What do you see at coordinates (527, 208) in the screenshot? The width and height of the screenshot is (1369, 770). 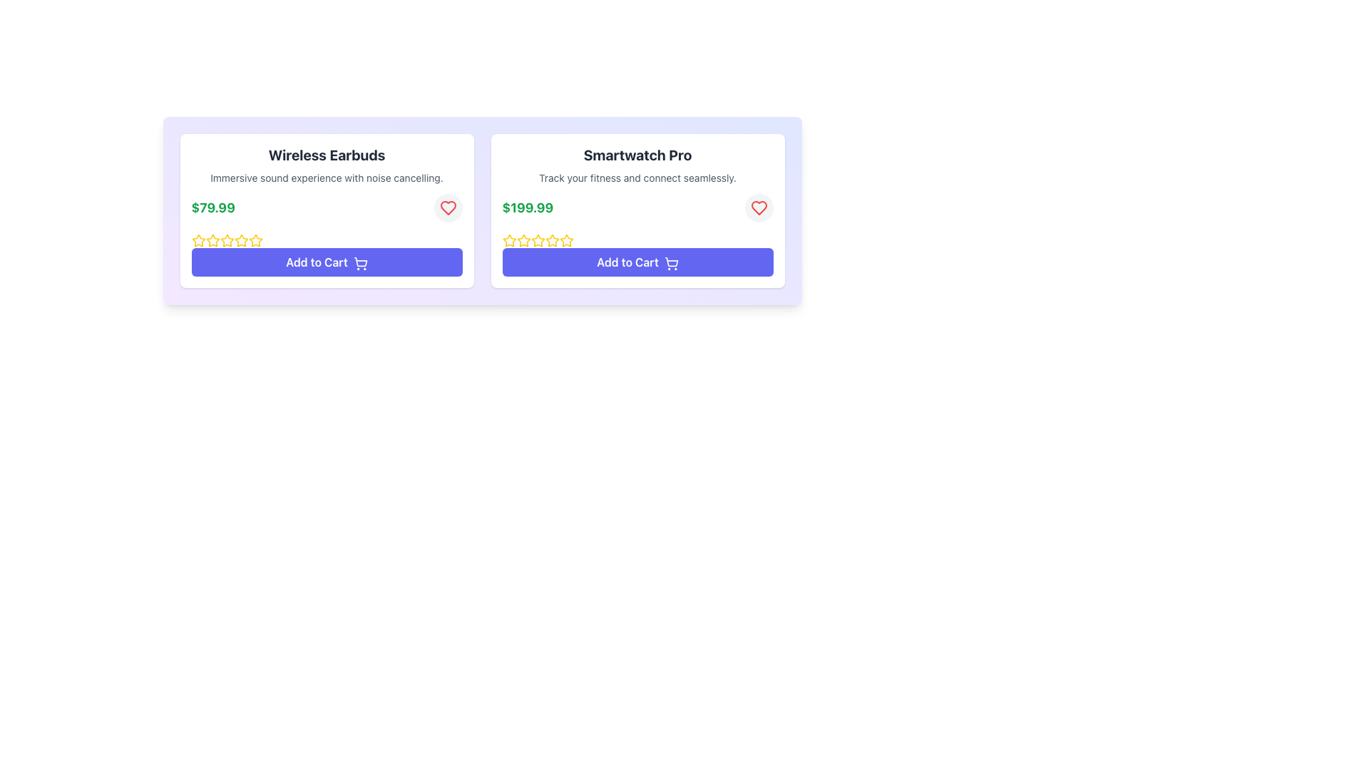 I see `the bold green price label displaying '$199.99' located in the 'Smartwatch Pro' product card, positioned in the center of the card` at bounding box center [527, 208].